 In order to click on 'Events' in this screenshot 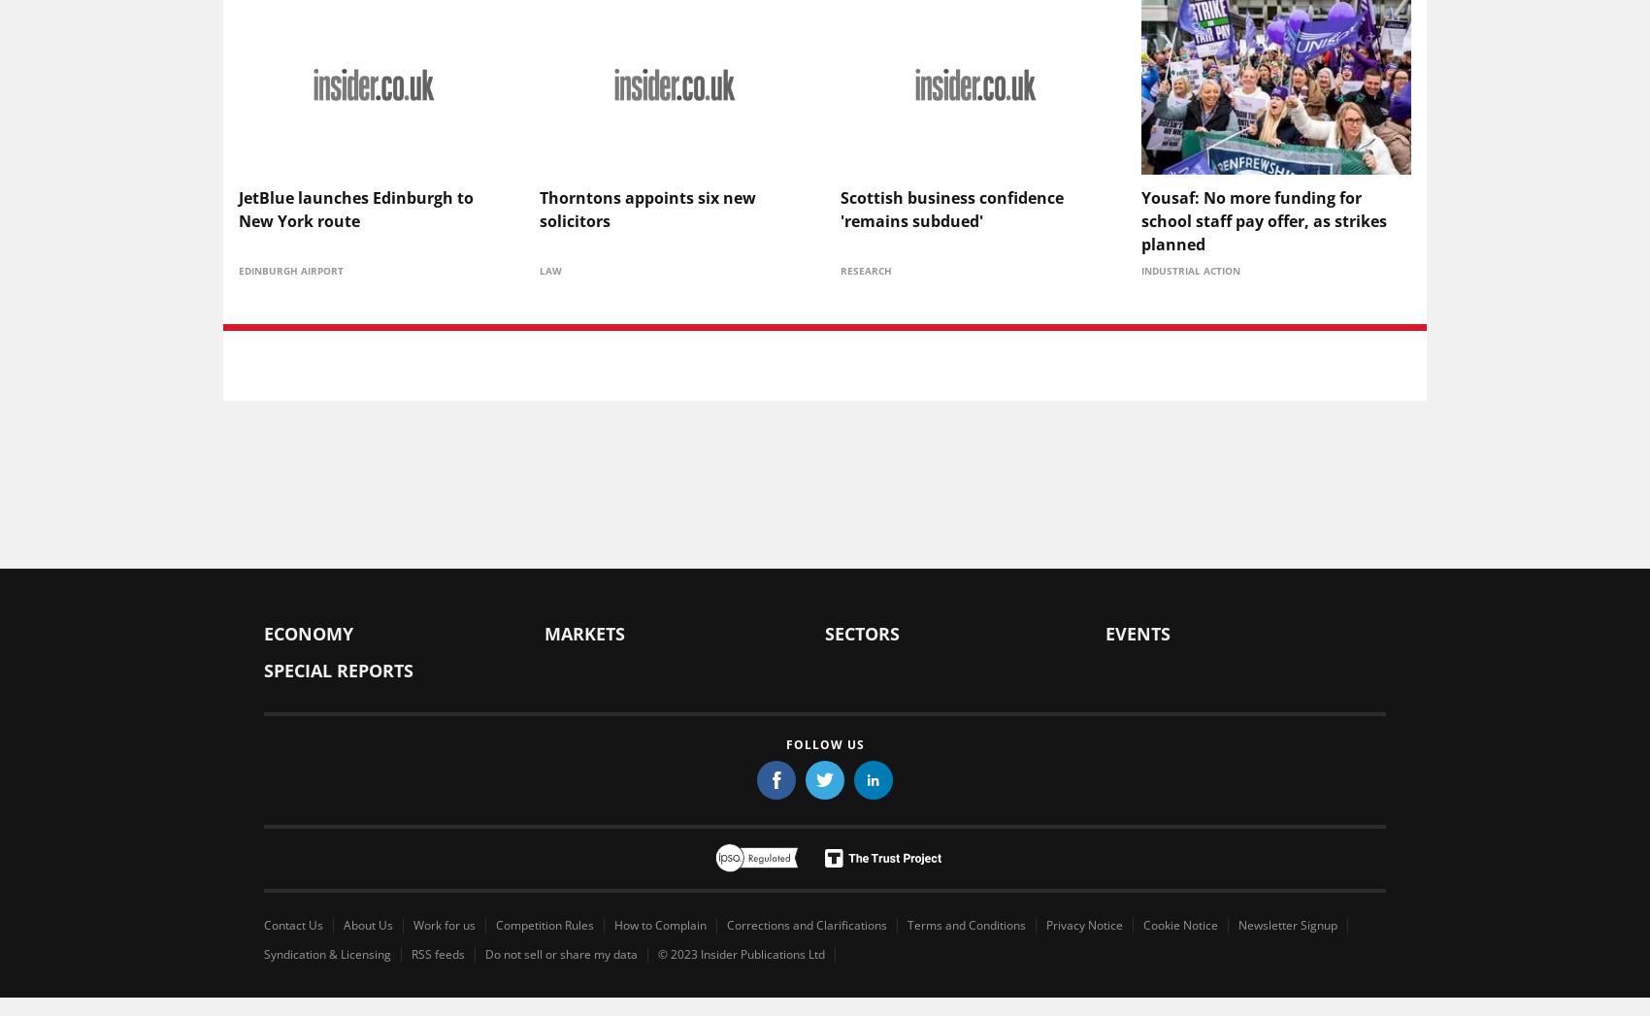, I will do `click(1105, 632)`.